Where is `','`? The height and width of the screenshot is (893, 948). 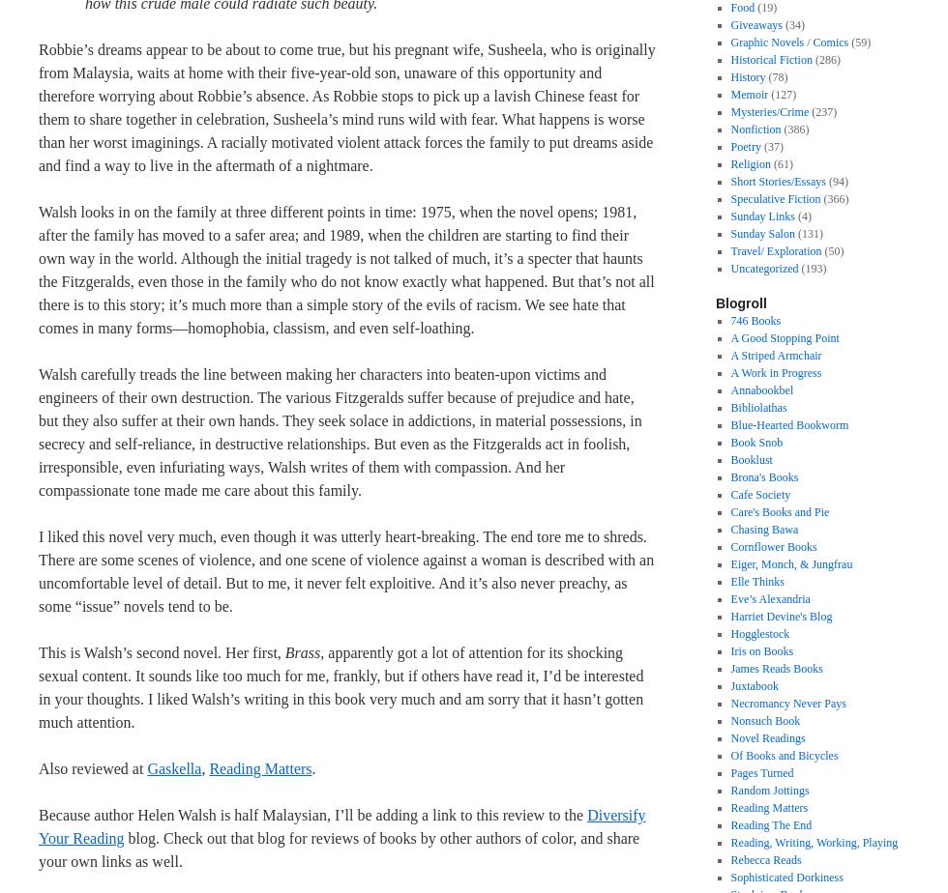
',' is located at coordinates (204, 768).